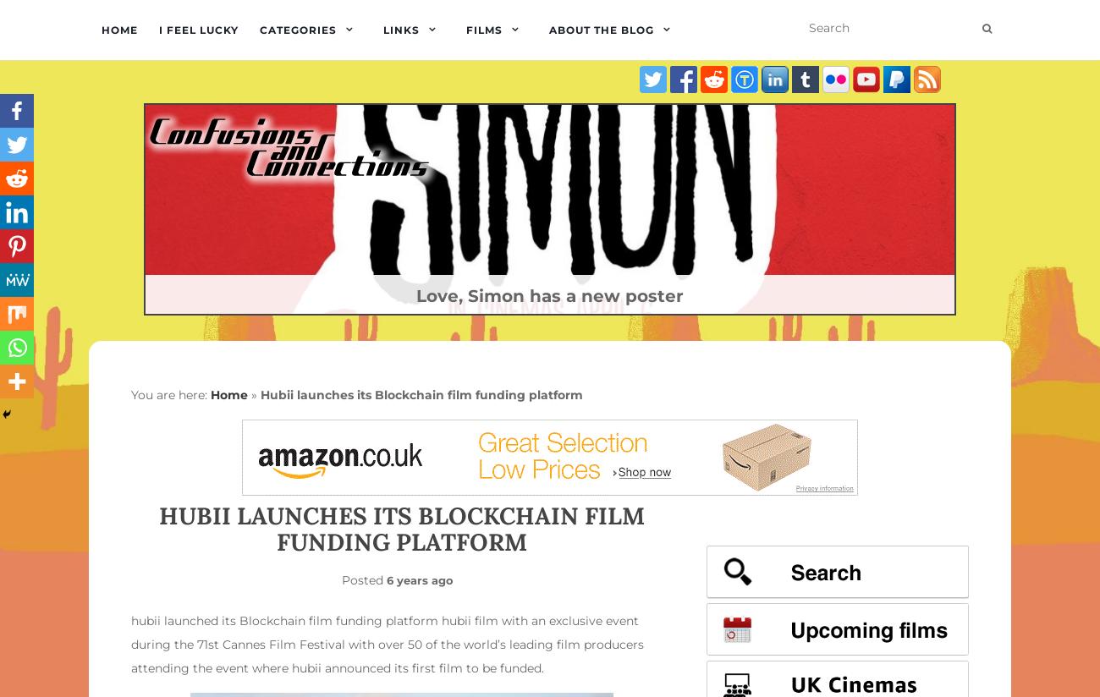 The width and height of the screenshot is (1100, 697). Describe the element at coordinates (297, 30) in the screenshot. I see `'Categories'` at that location.